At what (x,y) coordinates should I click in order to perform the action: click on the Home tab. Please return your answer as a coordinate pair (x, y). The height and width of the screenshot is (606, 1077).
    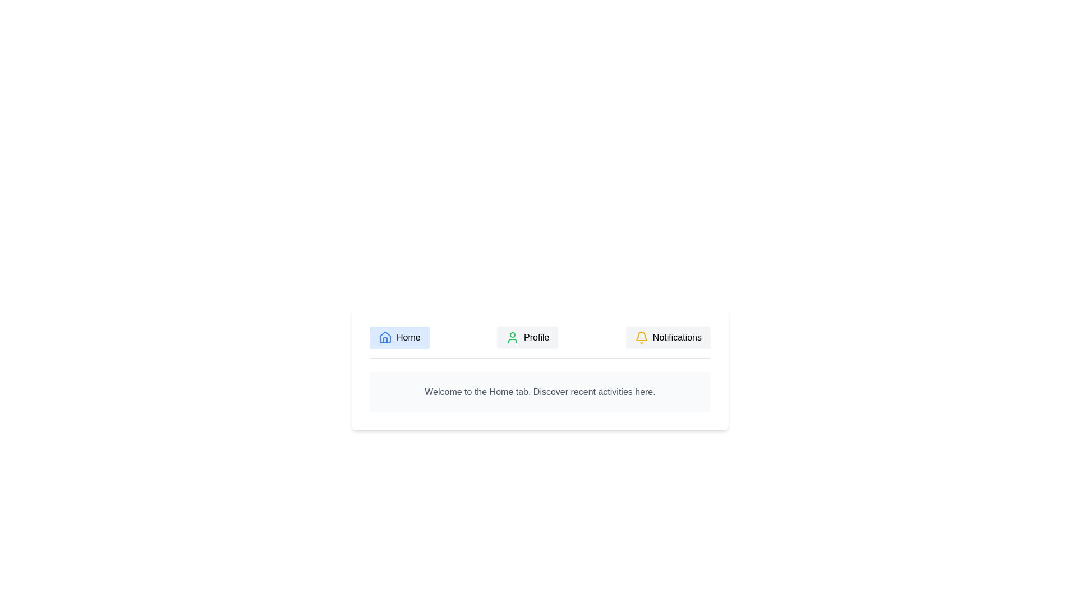
    Looking at the image, I should click on (399, 337).